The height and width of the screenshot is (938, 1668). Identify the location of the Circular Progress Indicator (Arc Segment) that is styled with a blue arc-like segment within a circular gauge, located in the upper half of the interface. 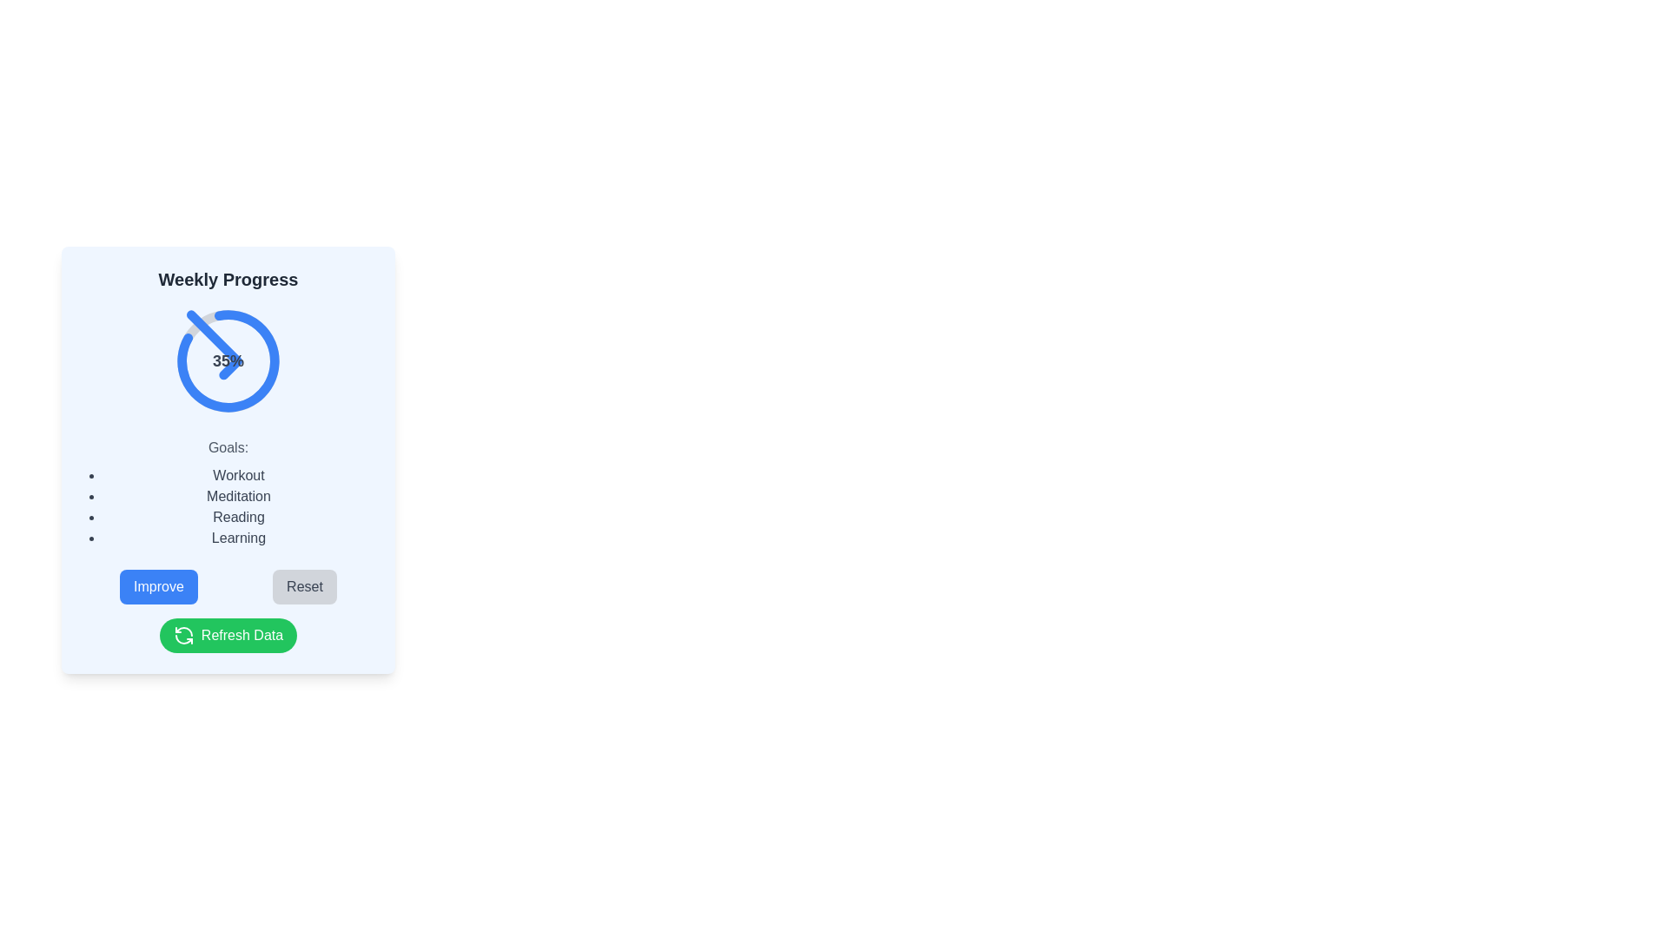
(228, 360).